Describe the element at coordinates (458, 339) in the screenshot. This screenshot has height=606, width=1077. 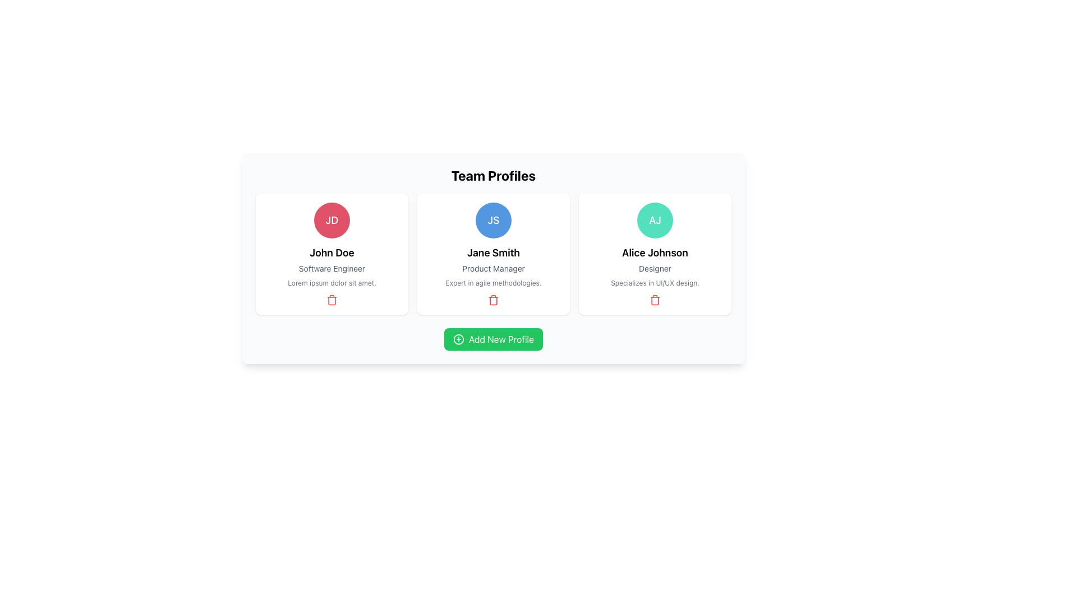
I see `the SVG Circle element located at the center of the 'Add New Profile' button, which is a bright green button with white text positioned beneath a row of profile cards` at that location.